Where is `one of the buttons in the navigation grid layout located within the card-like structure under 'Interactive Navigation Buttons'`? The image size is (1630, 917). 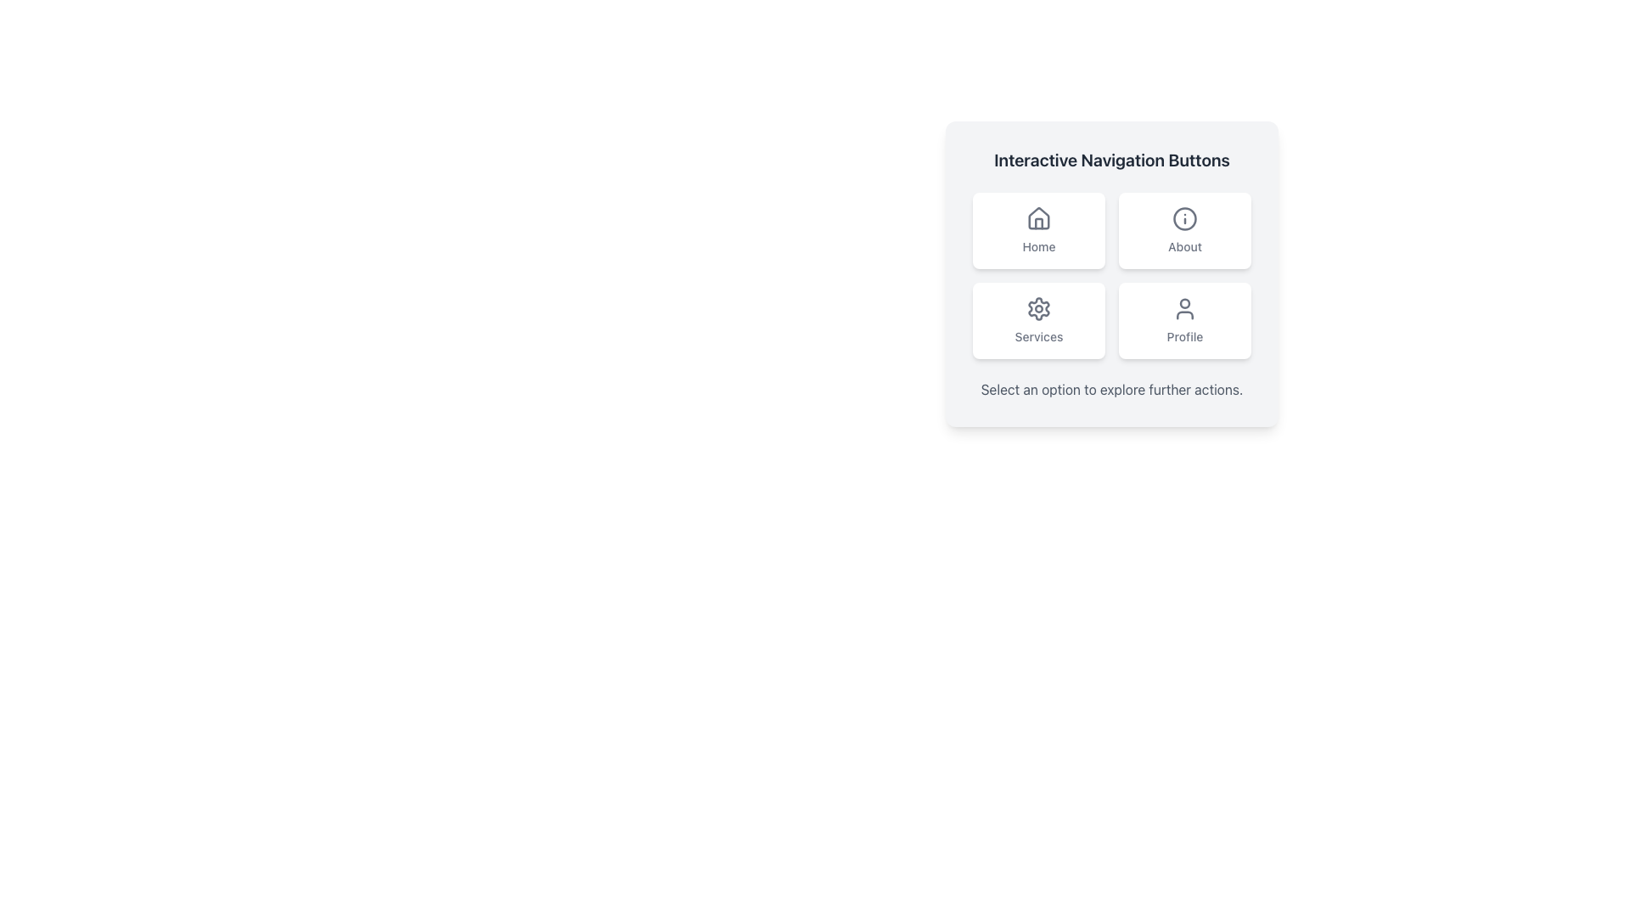
one of the buttons in the navigation grid layout located within the card-like structure under 'Interactive Navigation Buttons' is located at coordinates (1112, 274).